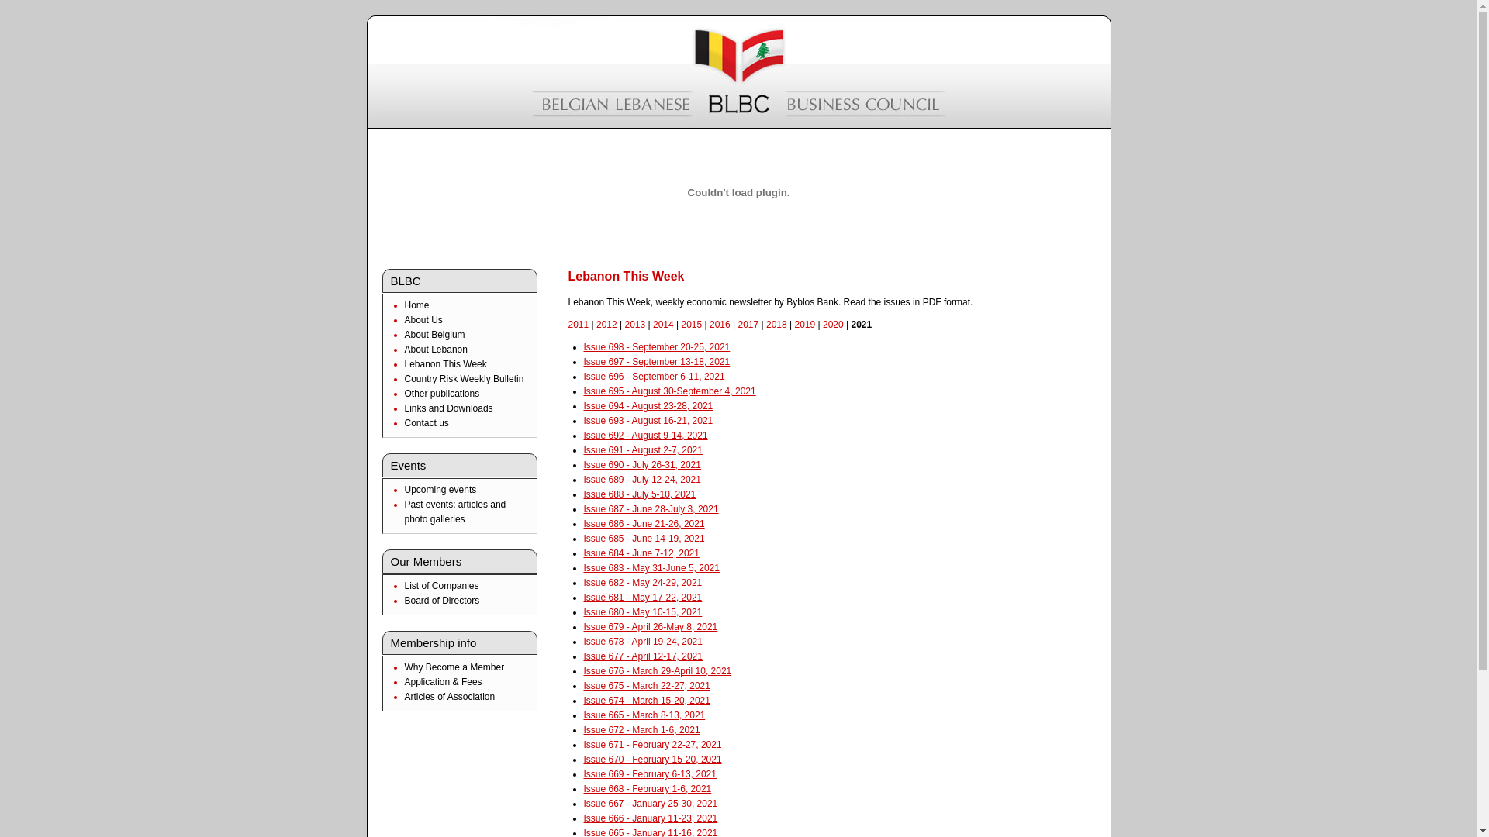  Describe the element at coordinates (435, 350) in the screenshot. I see `'About Lebanon'` at that location.